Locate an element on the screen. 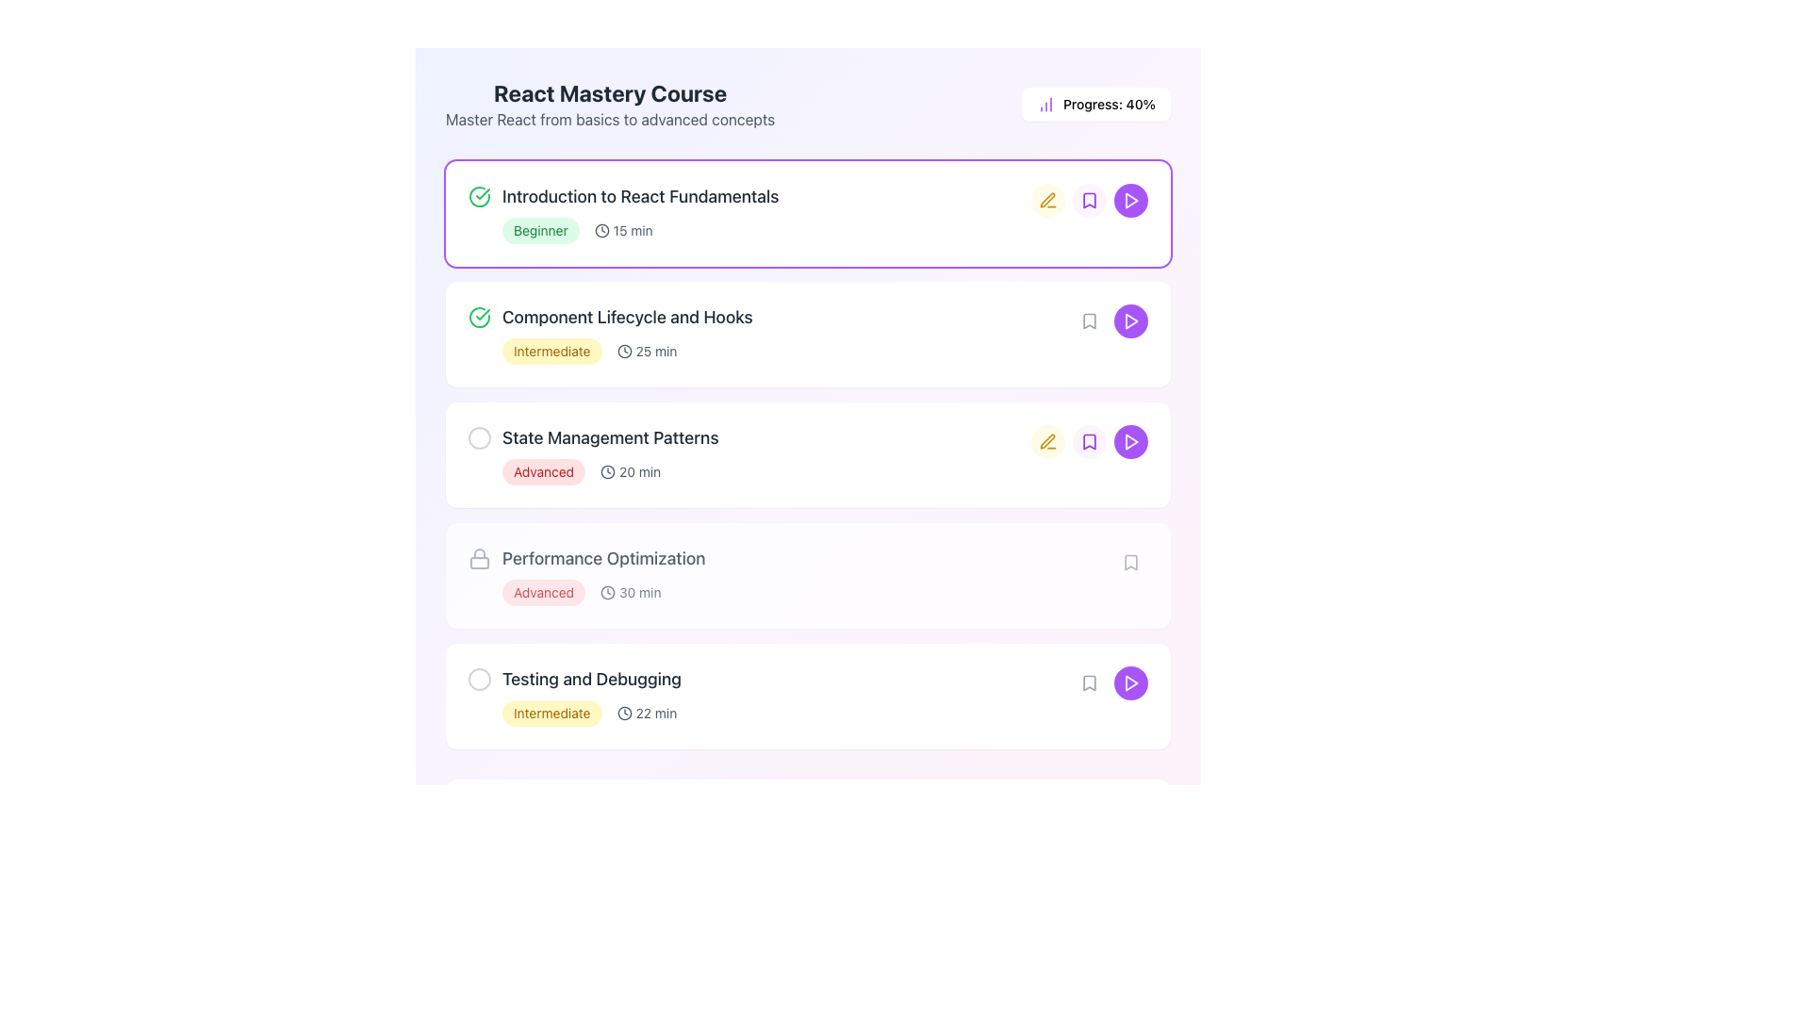 Image resolution: width=1810 pixels, height=1018 pixels. the circular button with a purple background and a white play icon located to the right of the 'Component Lifecycle and Hooks' label is located at coordinates (1131, 320).